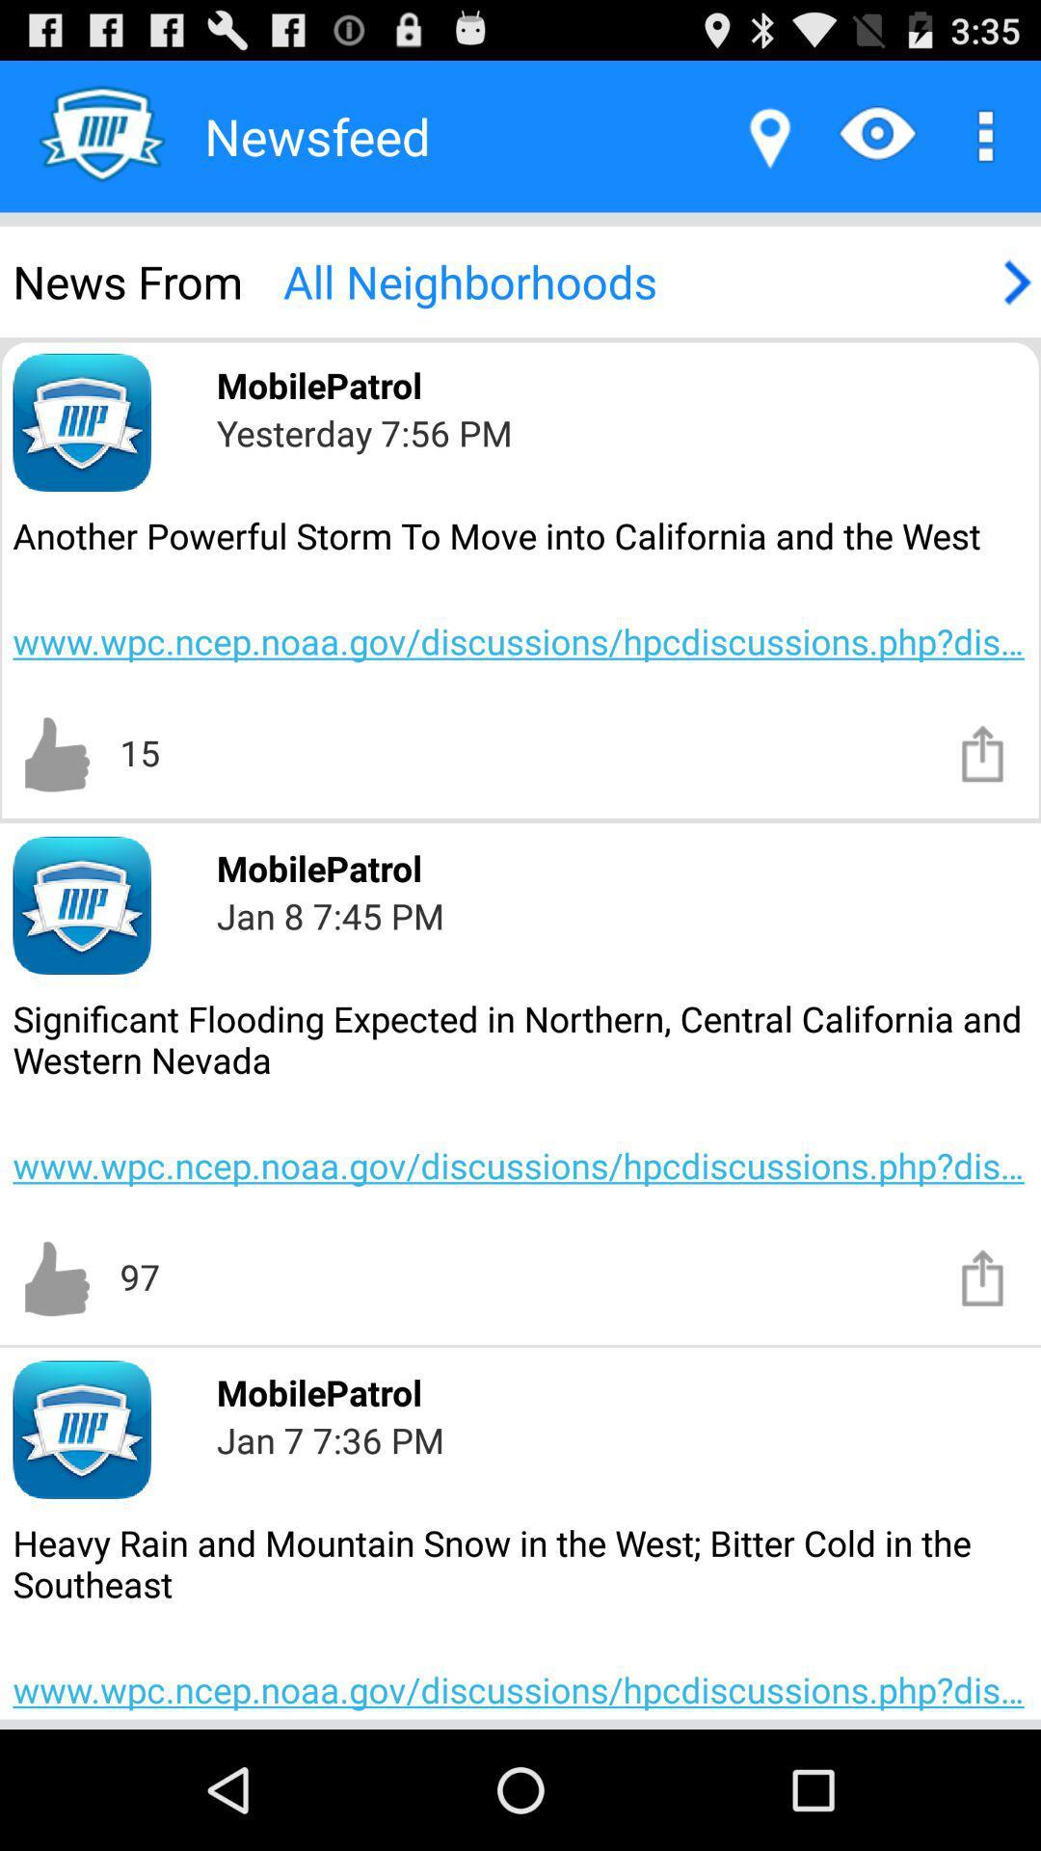 The image size is (1041, 1851). What do you see at coordinates (983, 751) in the screenshot?
I see `download the information` at bounding box center [983, 751].